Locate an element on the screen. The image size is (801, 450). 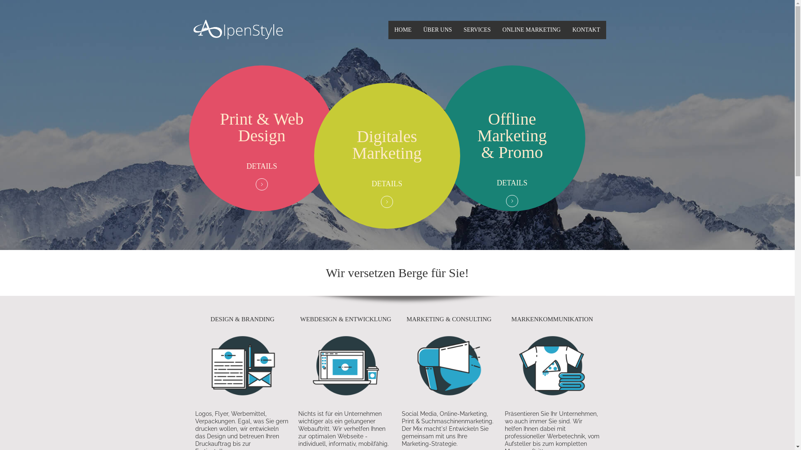
'DETAILS' is located at coordinates (246, 166).